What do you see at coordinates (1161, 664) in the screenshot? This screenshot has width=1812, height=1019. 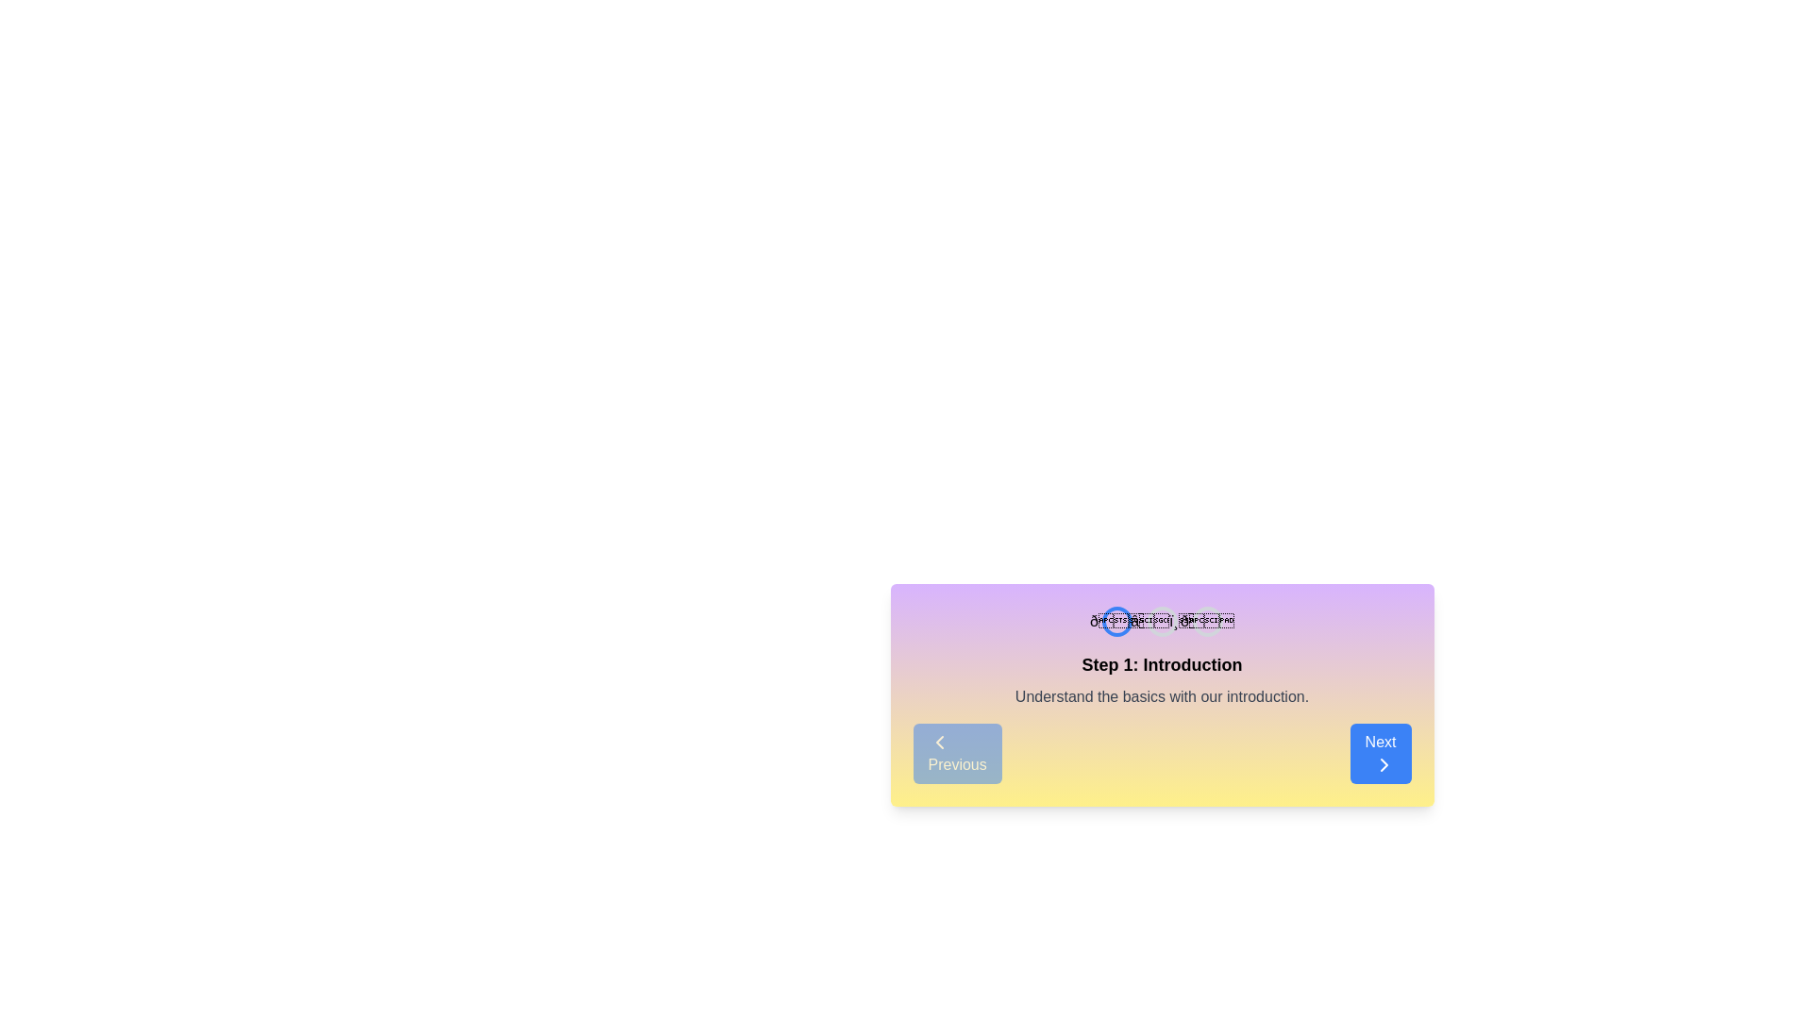 I see `the bold, large-sized text label displaying 'Step 1: Introduction' which is positioned at the top center of its card-like interface` at bounding box center [1161, 664].